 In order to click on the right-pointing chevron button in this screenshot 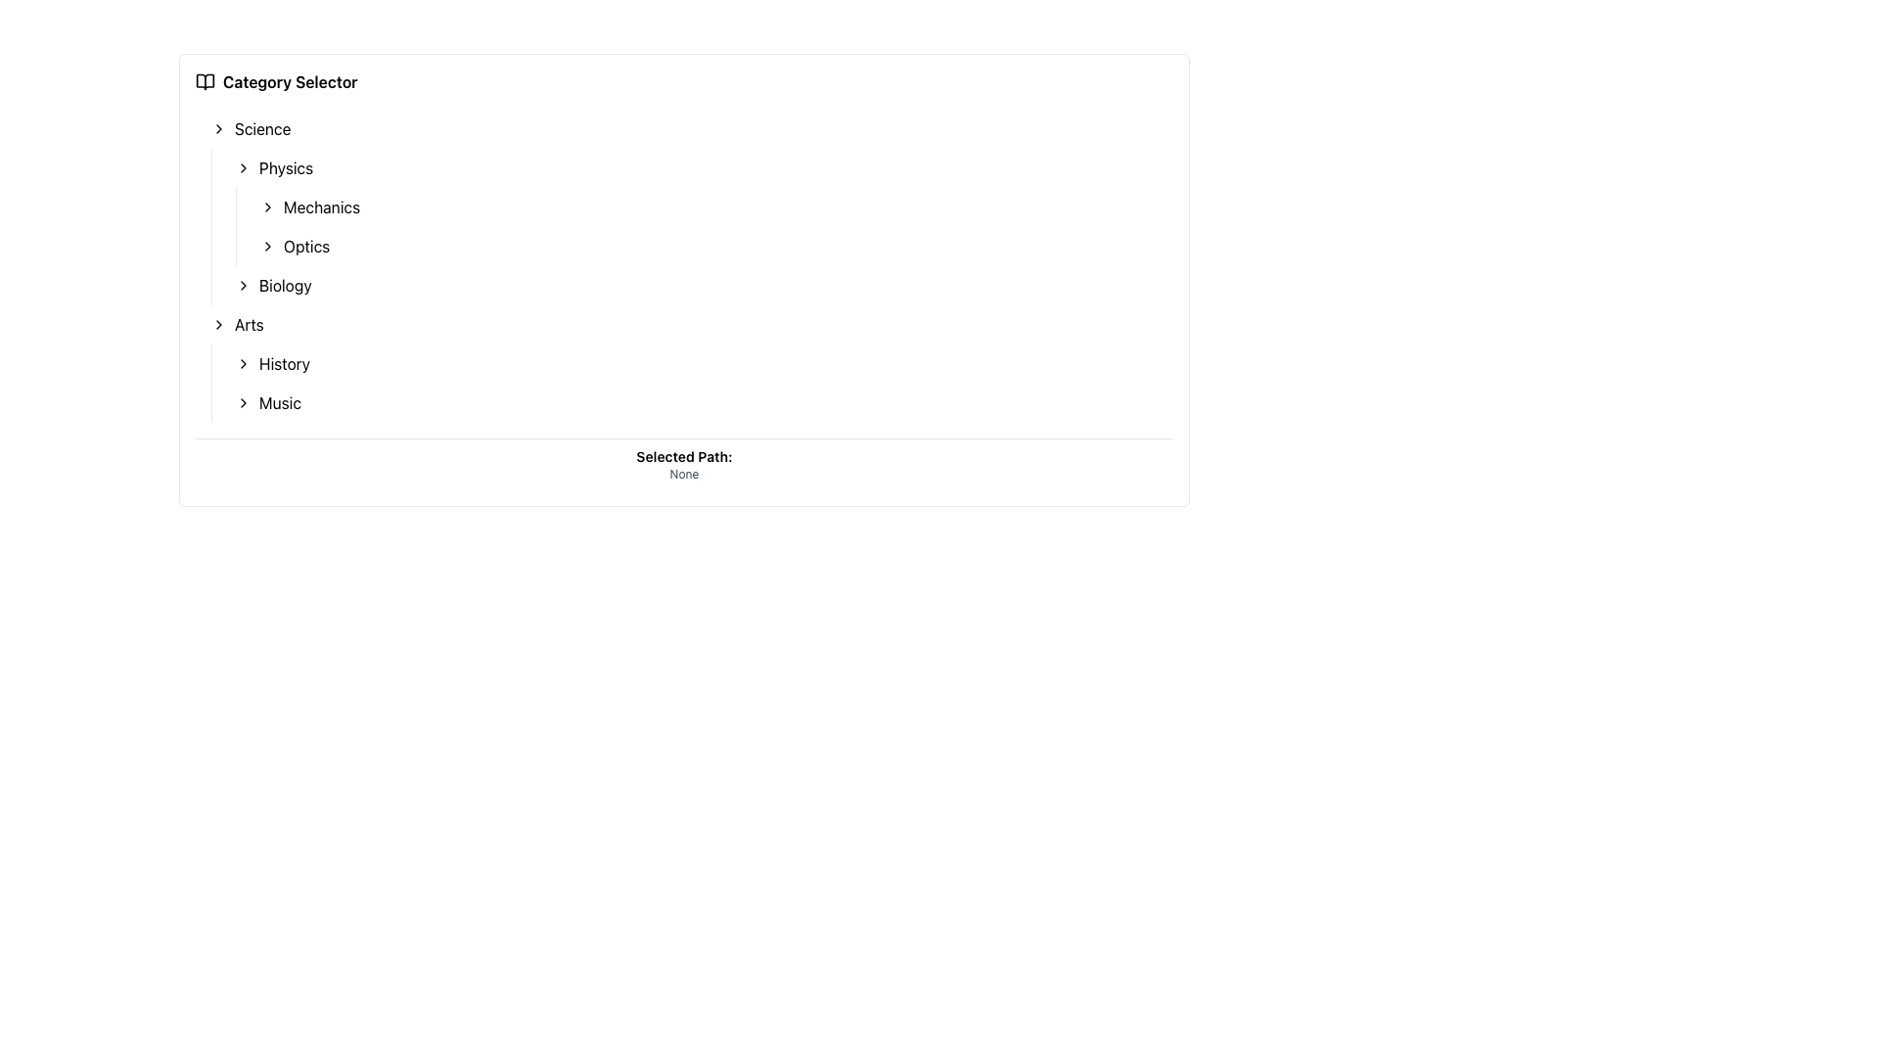, I will do `click(243, 167)`.